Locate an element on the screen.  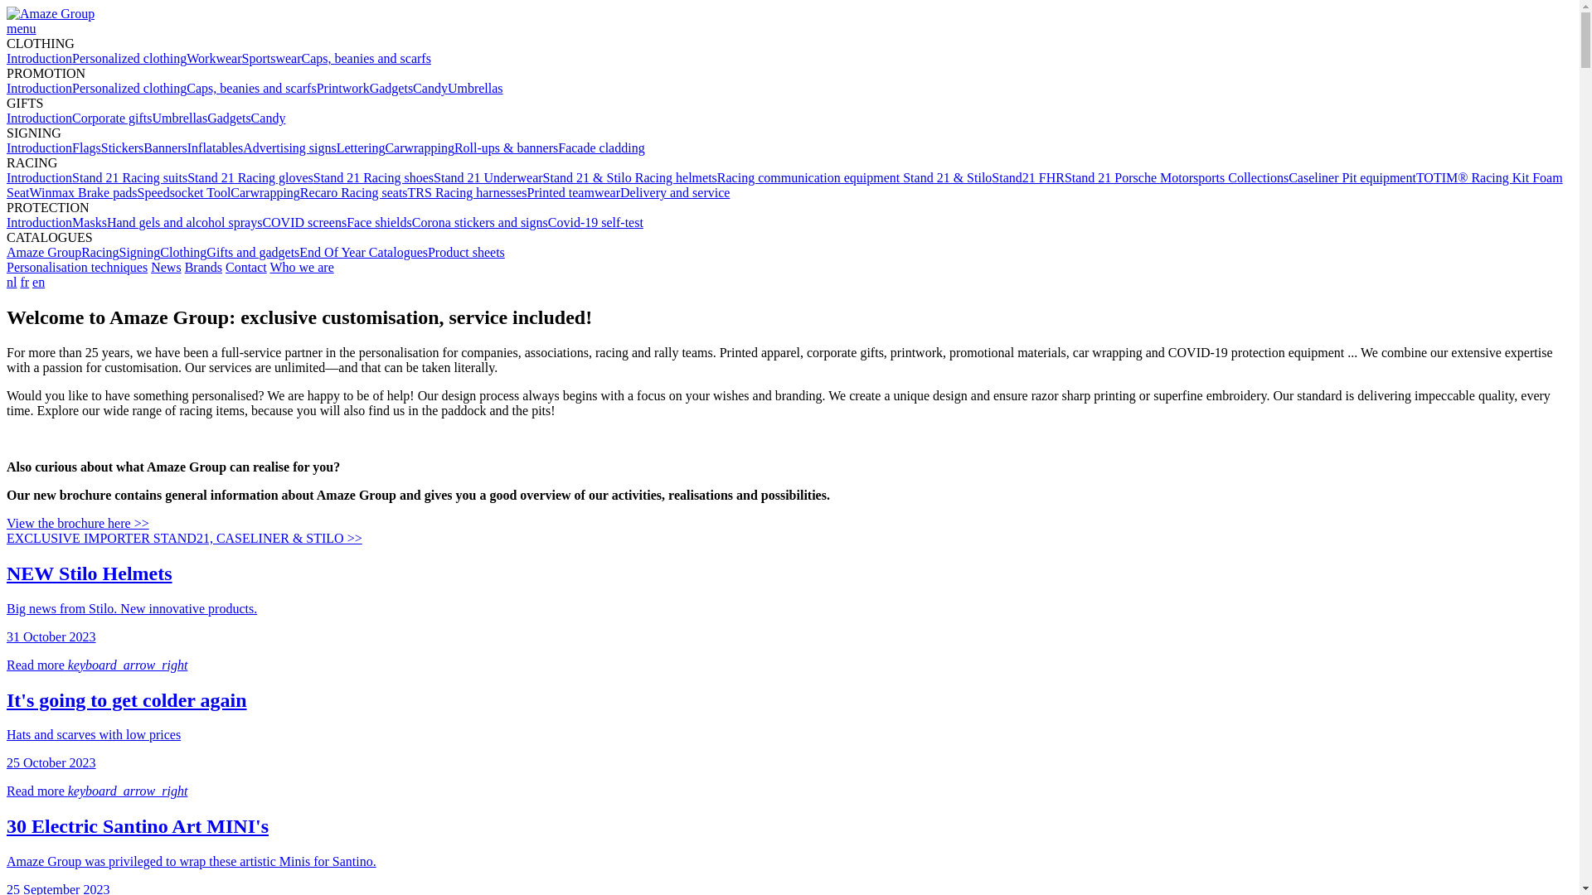
'Corporate gifts' is located at coordinates (110, 117).